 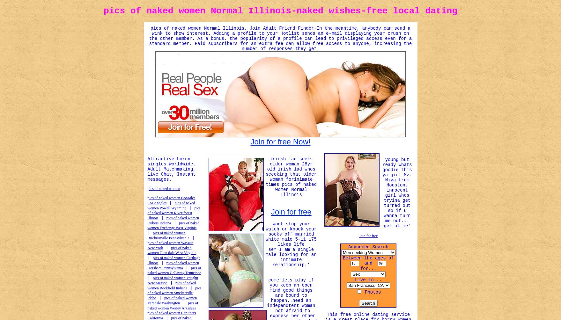 What do you see at coordinates (171, 285) in the screenshot?
I see `'pics of naked women Rockfield Indiana'` at bounding box center [171, 285].